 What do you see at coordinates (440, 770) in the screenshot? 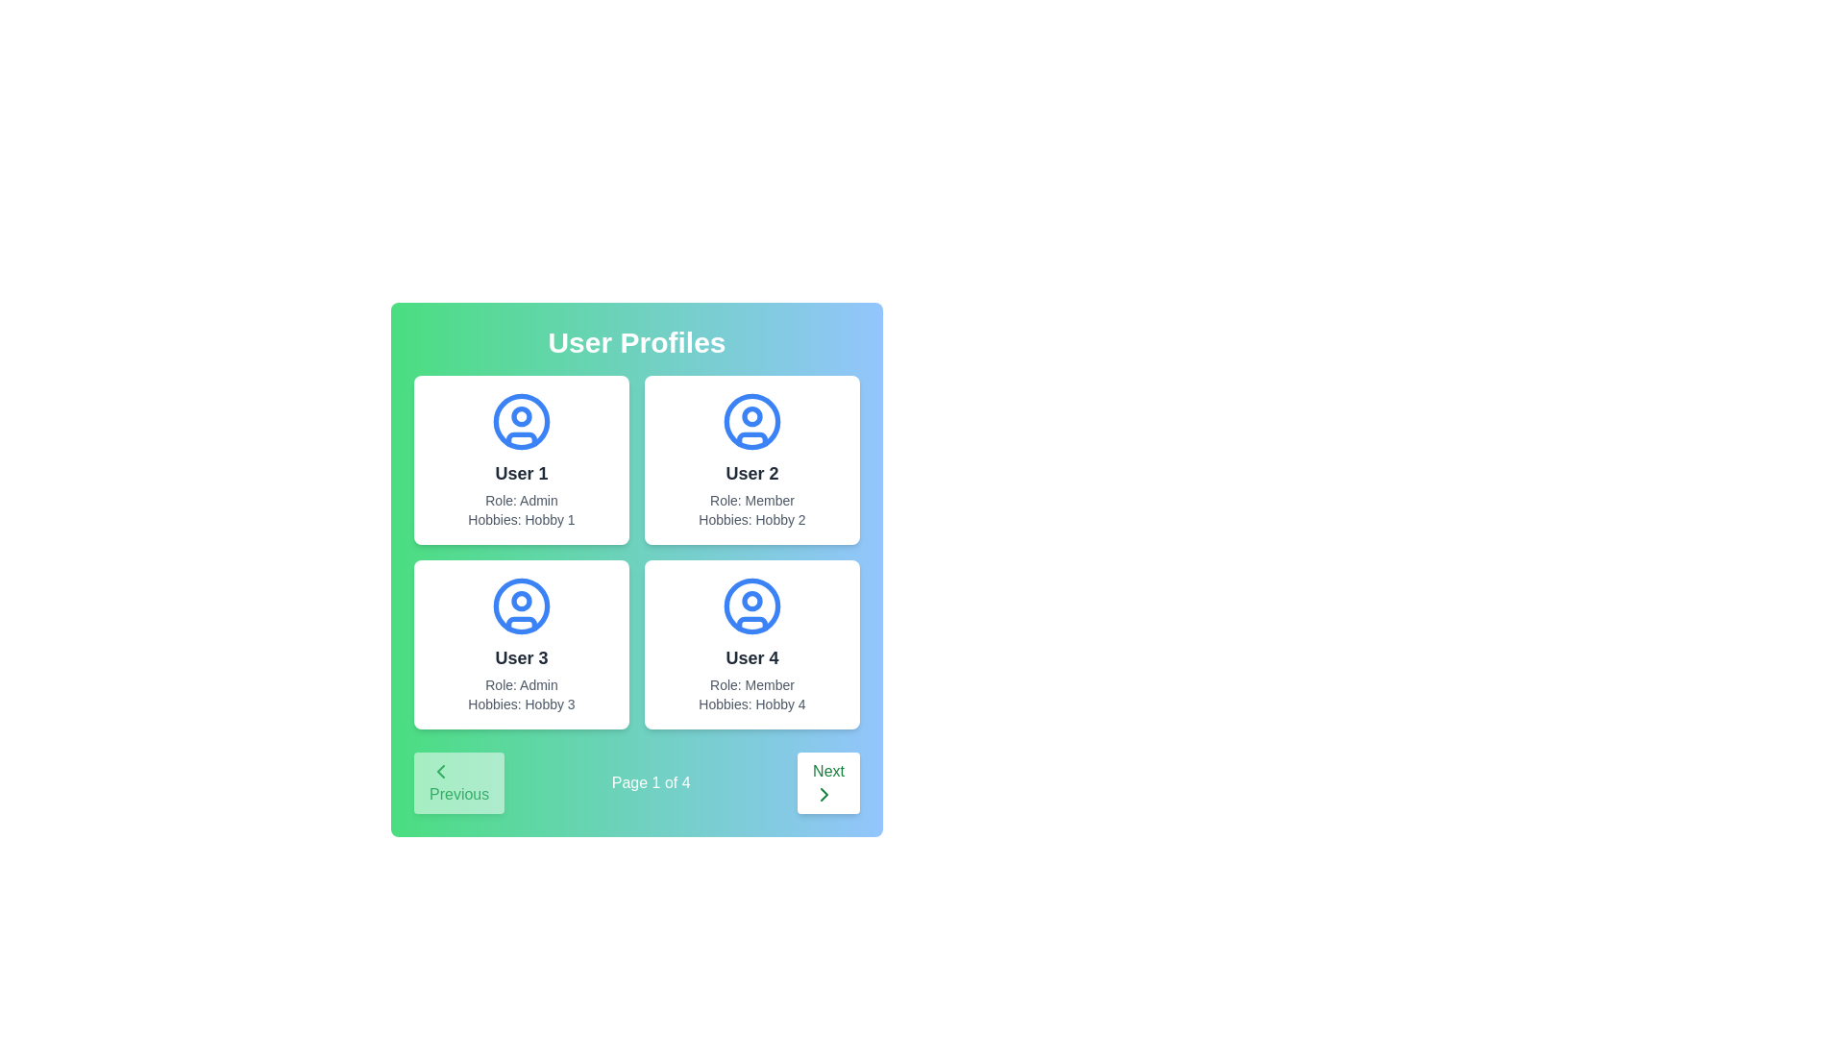
I see `the left-pointing chevron arrow icon within the 'Previous' button located in the bottom left corner of the interface` at bounding box center [440, 770].